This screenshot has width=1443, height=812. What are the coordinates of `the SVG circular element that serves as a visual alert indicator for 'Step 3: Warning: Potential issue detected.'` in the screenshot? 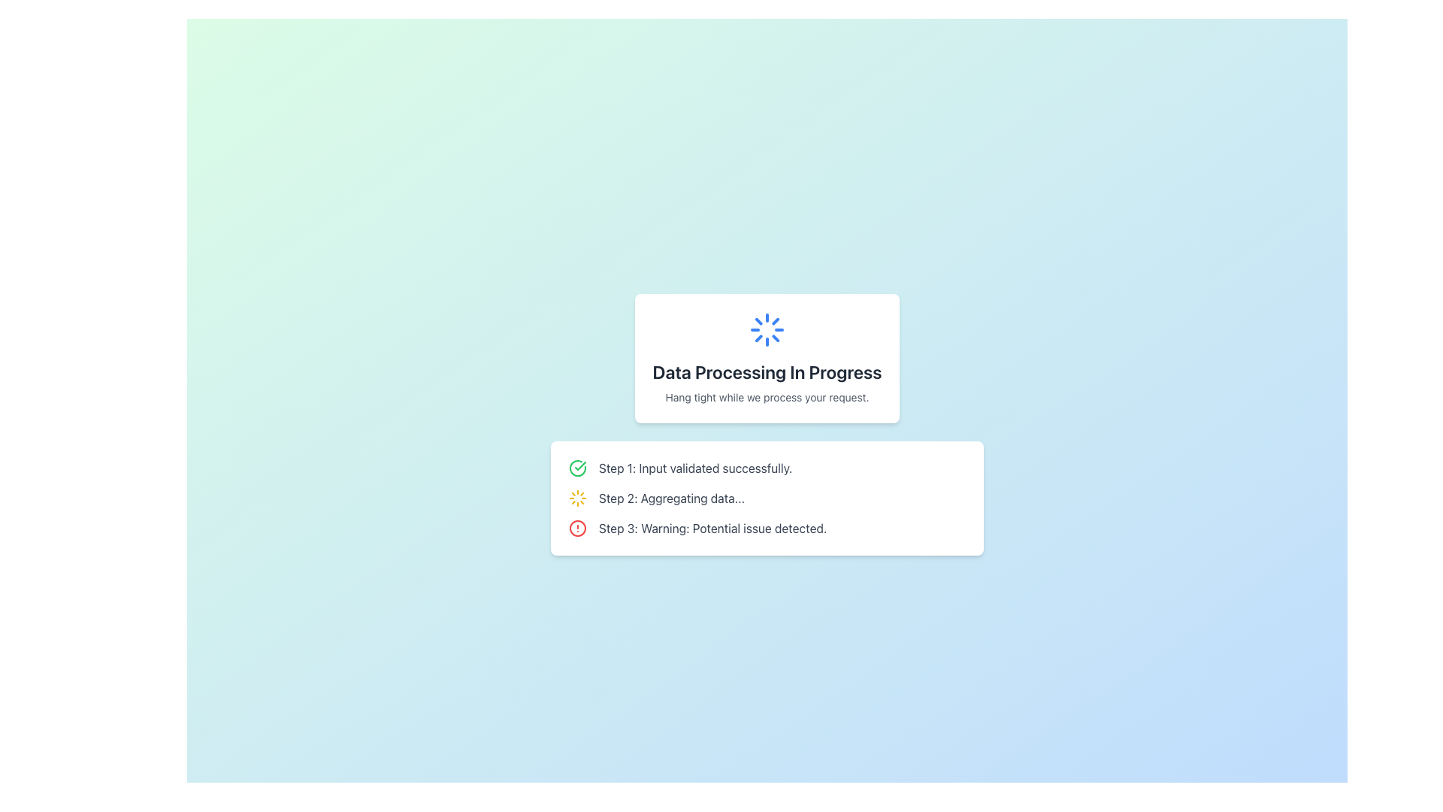 It's located at (576, 527).